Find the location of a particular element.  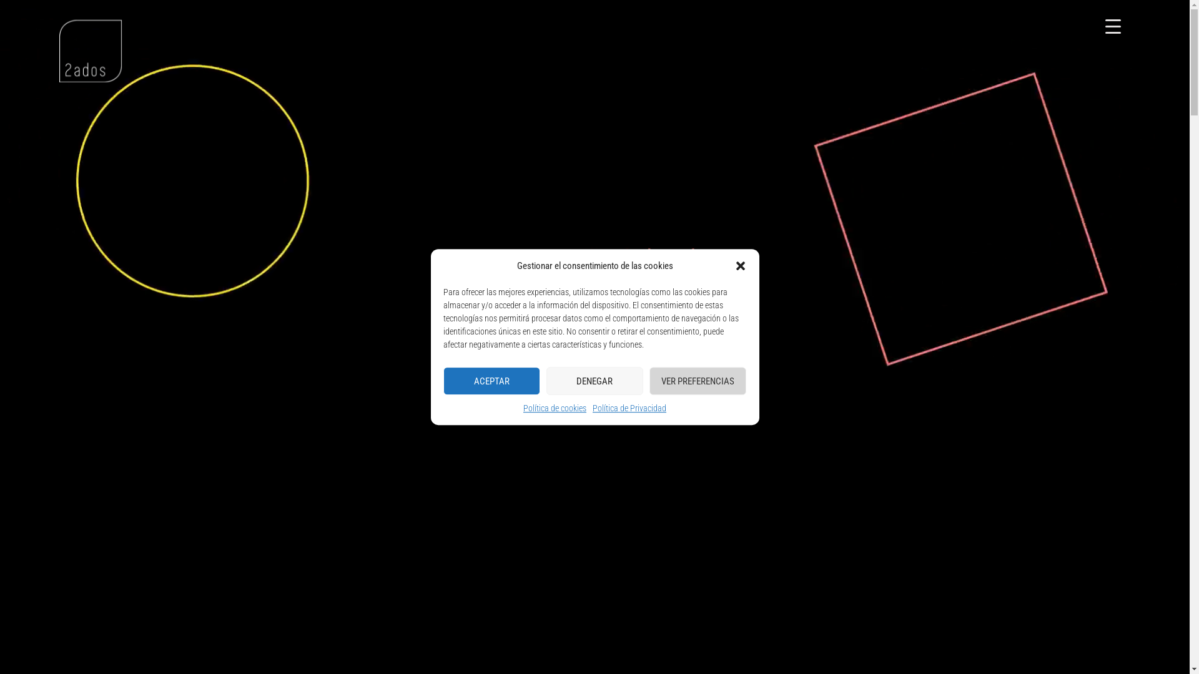

'ACEPTAR' is located at coordinates (491, 380).